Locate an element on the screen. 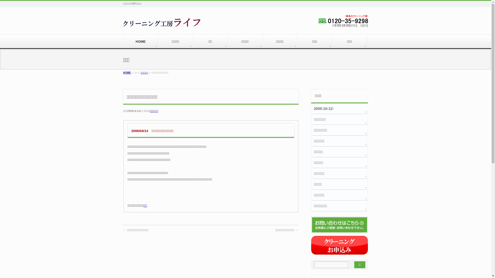  'HOME' is located at coordinates (141, 41).